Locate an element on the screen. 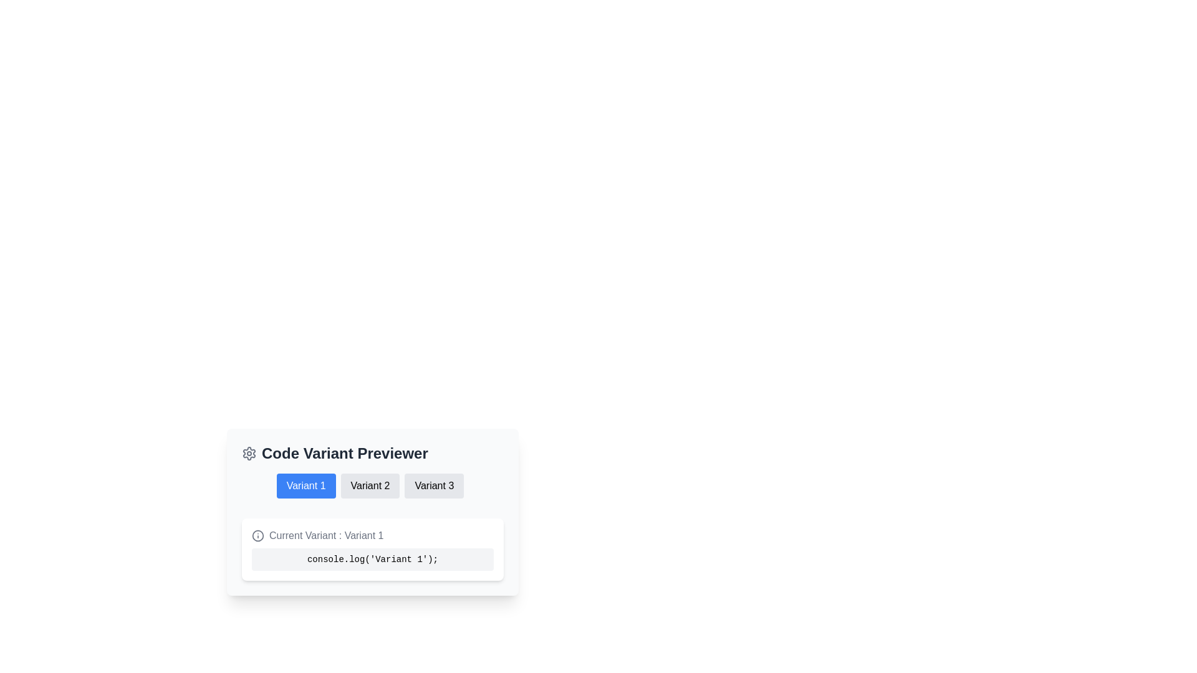 The width and height of the screenshot is (1197, 673). the rectangular button labeled 'Variant 1' with a blue background and white text is located at coordinates (306, 485).